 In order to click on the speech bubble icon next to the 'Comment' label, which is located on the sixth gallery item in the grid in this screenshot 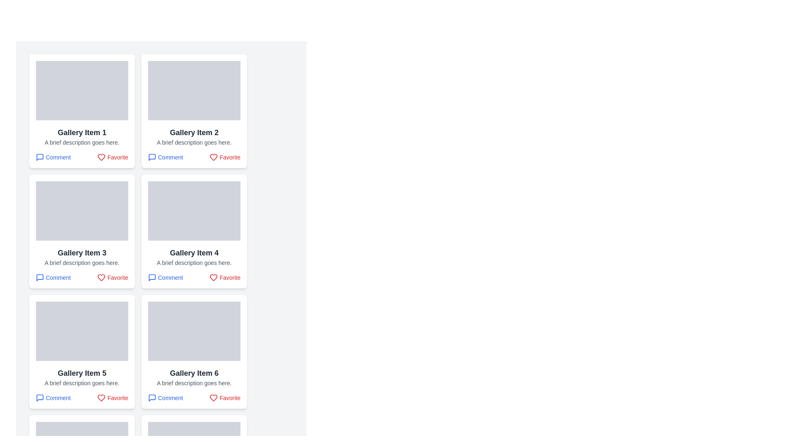, I will do `click(152, 397)`.